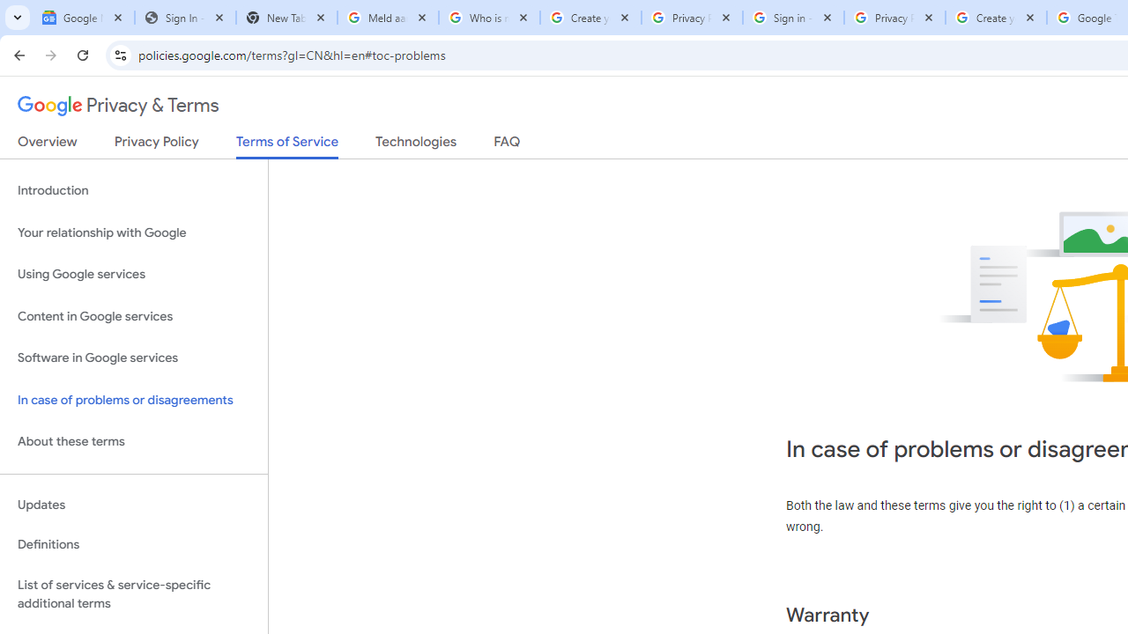 This screenshot has width=1128, height=634. Describe the element at coordinates (489, 18) in the screenshot. I see `'Who is my administrator? - Google Account Help'` at that location.